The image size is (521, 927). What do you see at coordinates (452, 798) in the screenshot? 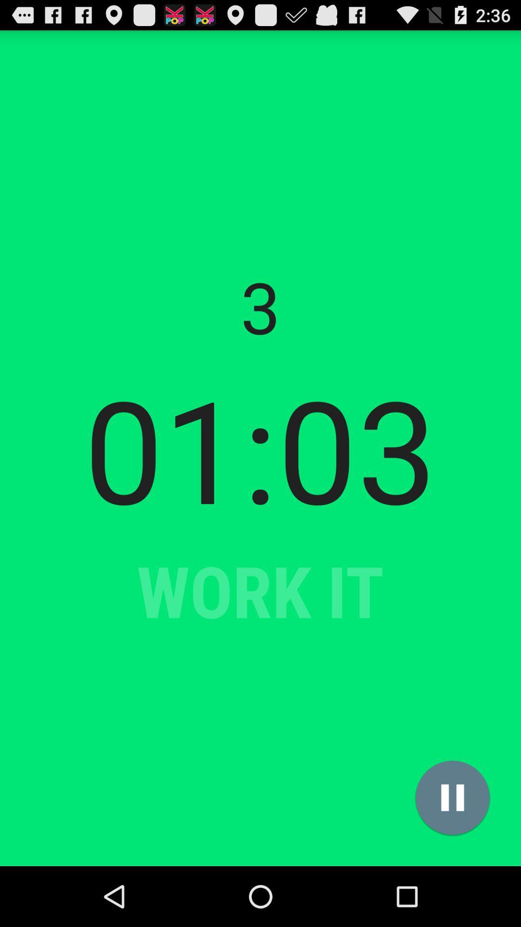
I see `the app below the 01:03 item` at bounding box center [452, 798].